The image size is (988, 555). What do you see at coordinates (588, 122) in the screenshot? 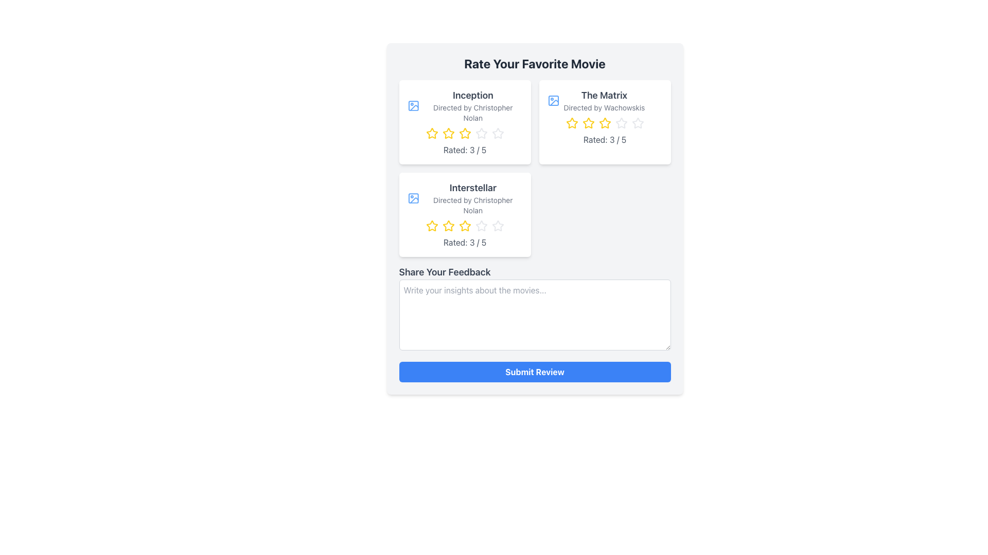
I see `the second star rating icon in the 'Rate Your Favorite Movie' section for 'The Matrix', which is a yellow outlined star with a hollow interior` at bounding box center [588, 122].